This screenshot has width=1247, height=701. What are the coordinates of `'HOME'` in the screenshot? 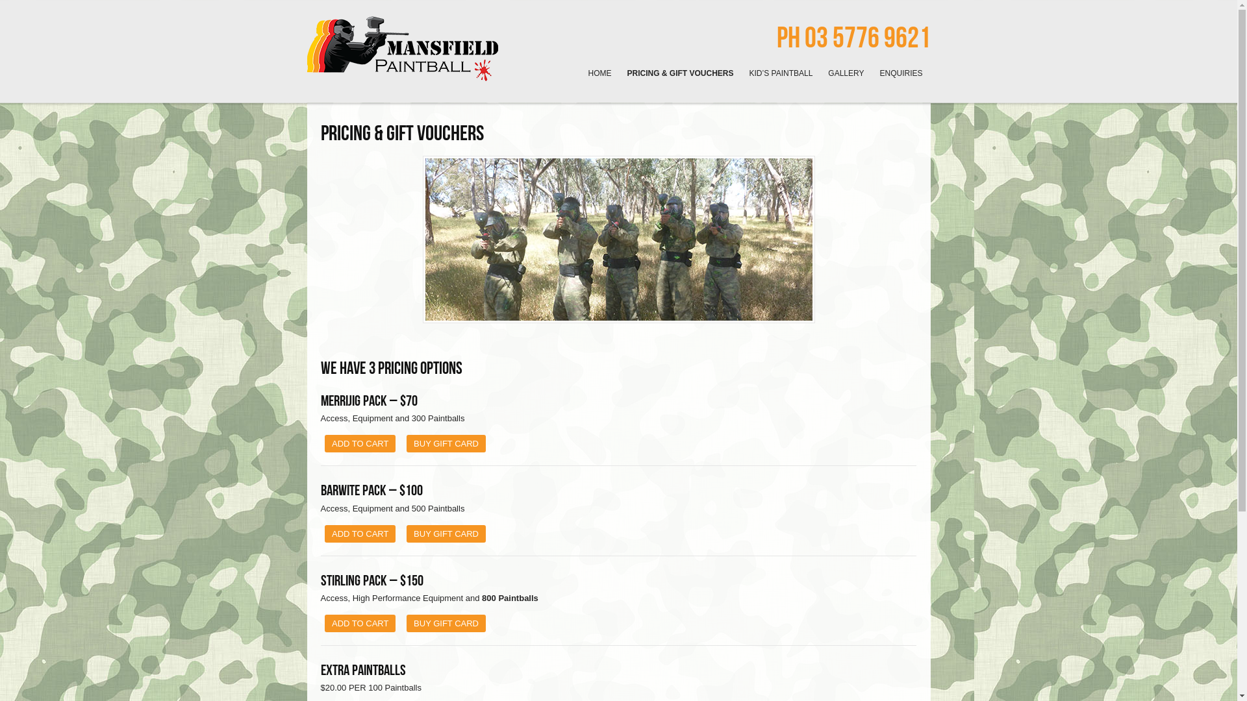 It's located at (599, 73).